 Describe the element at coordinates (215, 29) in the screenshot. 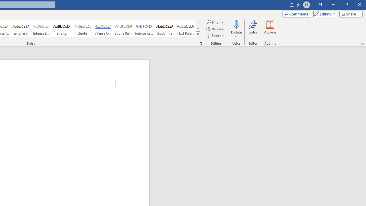

I see `'Replace...'` at that location.